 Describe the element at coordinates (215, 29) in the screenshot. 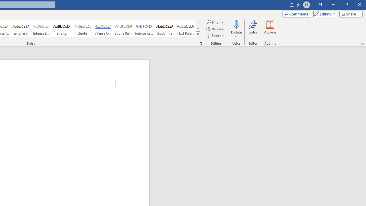

I see `'Replace...'` at that location.